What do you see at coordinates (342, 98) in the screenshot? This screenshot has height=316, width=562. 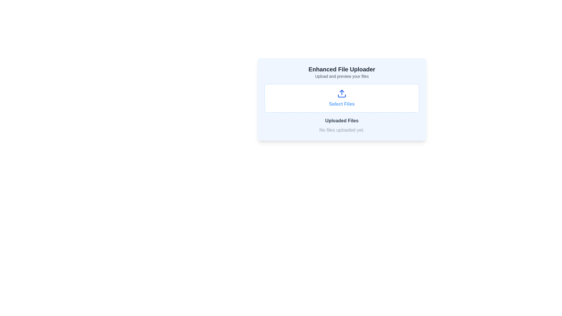 I see `the button used for selecting files for upload` at bounding box center [342, 98].